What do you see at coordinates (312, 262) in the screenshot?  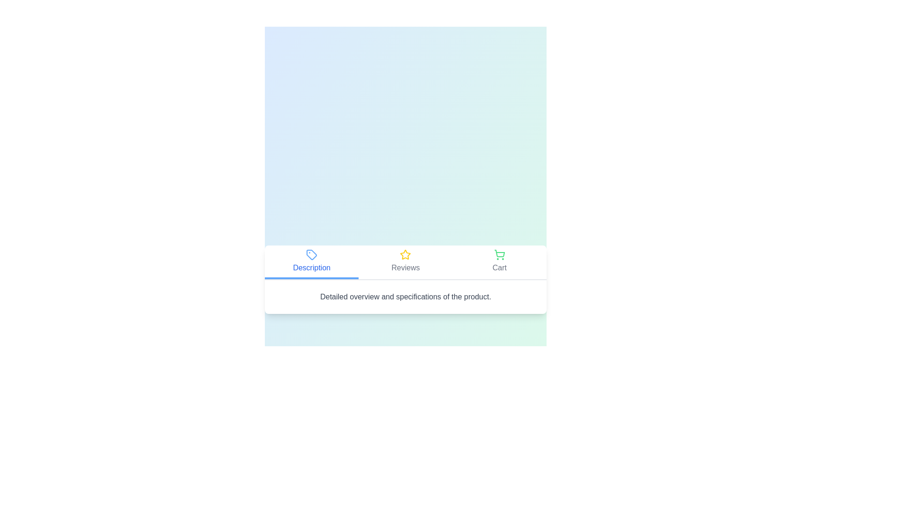 I see `the Description tab` at bounding box center [312, 262].